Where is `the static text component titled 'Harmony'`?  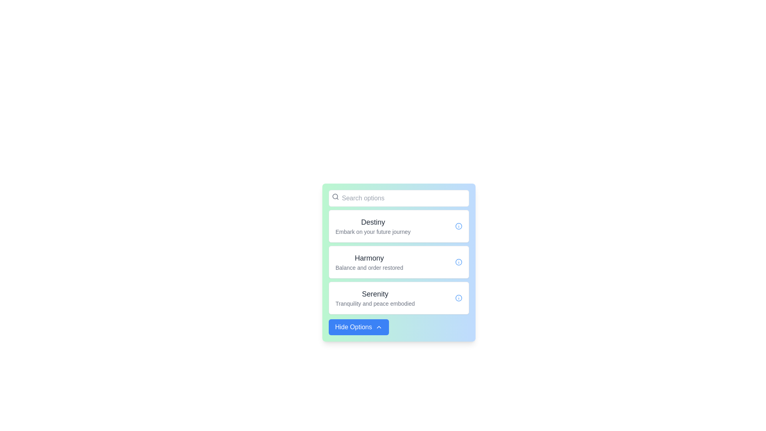 the static text component titled 'Harmony' is located at coordinates (369, 262).